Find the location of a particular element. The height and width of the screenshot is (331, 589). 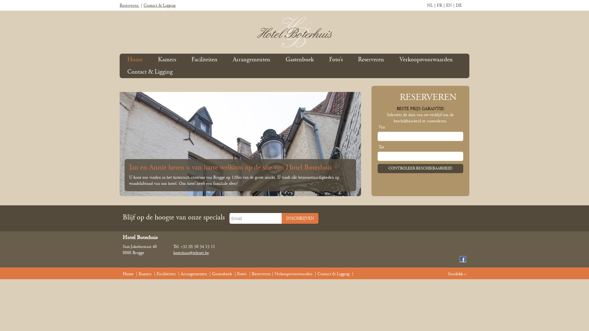

'boterhuis@telenet.be' is located at coordinates (191, 253).